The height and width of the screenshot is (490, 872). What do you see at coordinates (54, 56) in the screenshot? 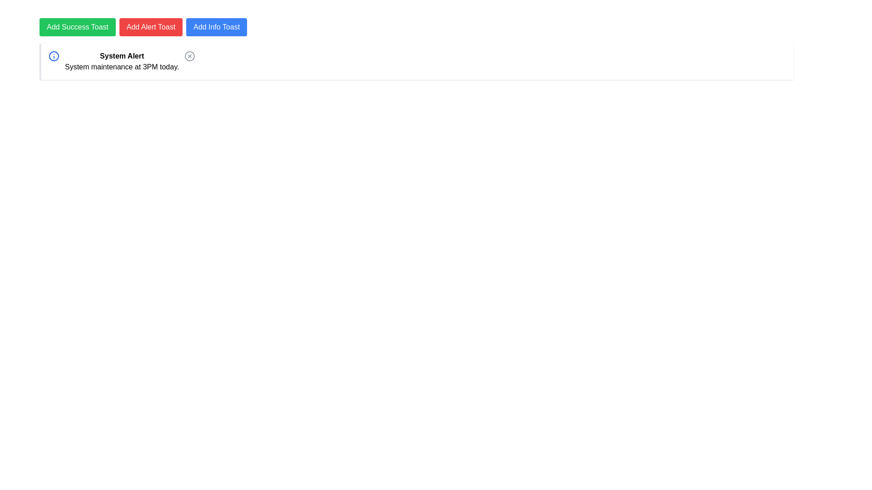
I see `the information icon located in the System Alert notification bar, positioned on the far left side next to the bolded text 'System Alert'` at bounding box center [54, 56].